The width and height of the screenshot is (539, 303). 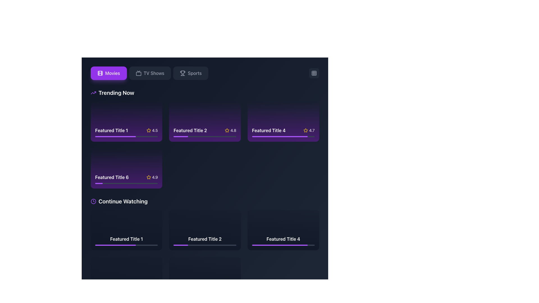 I want to click on text content of the 'Movies' category label within the button located at the top-left of the interface, next to the film icon, so click(x=112, y=73).